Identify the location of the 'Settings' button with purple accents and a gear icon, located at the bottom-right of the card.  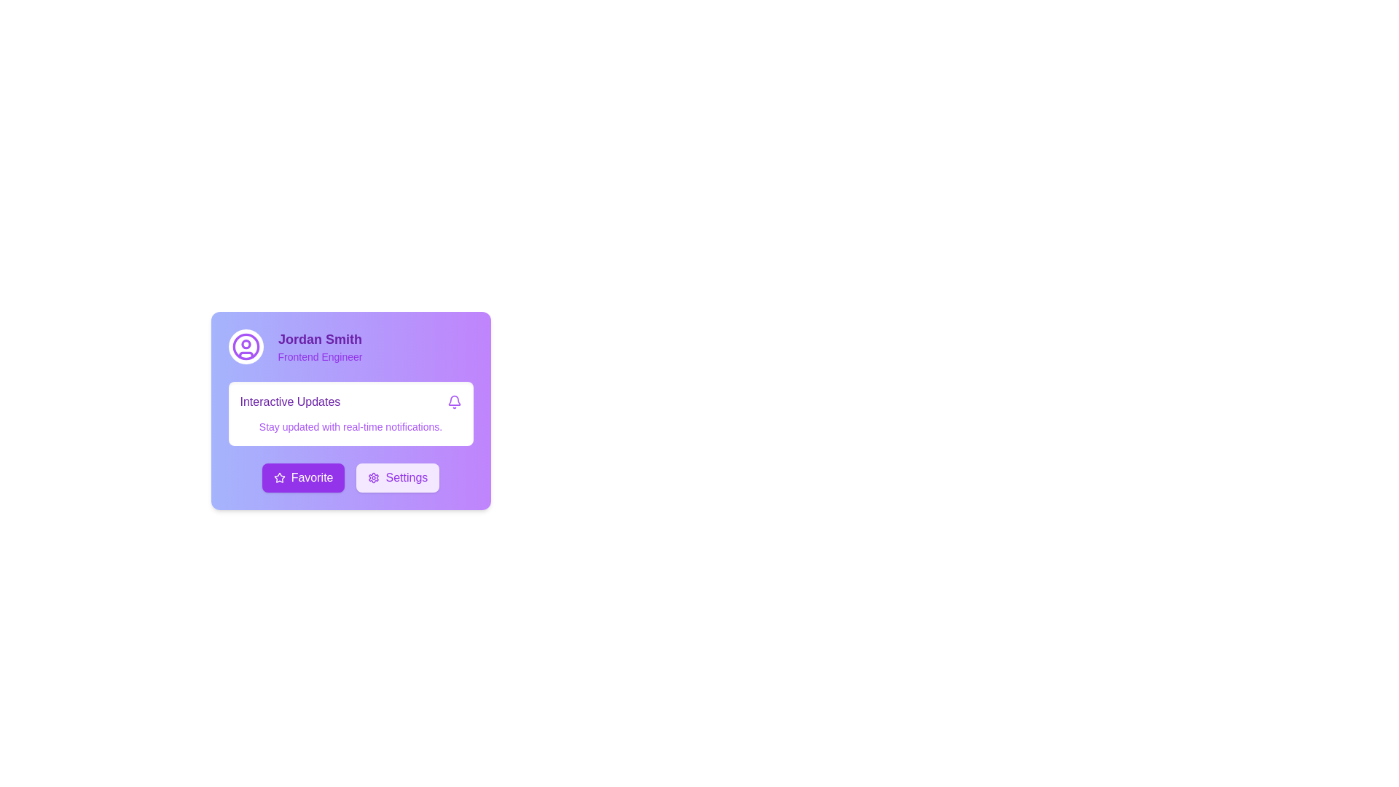
(398, 477).